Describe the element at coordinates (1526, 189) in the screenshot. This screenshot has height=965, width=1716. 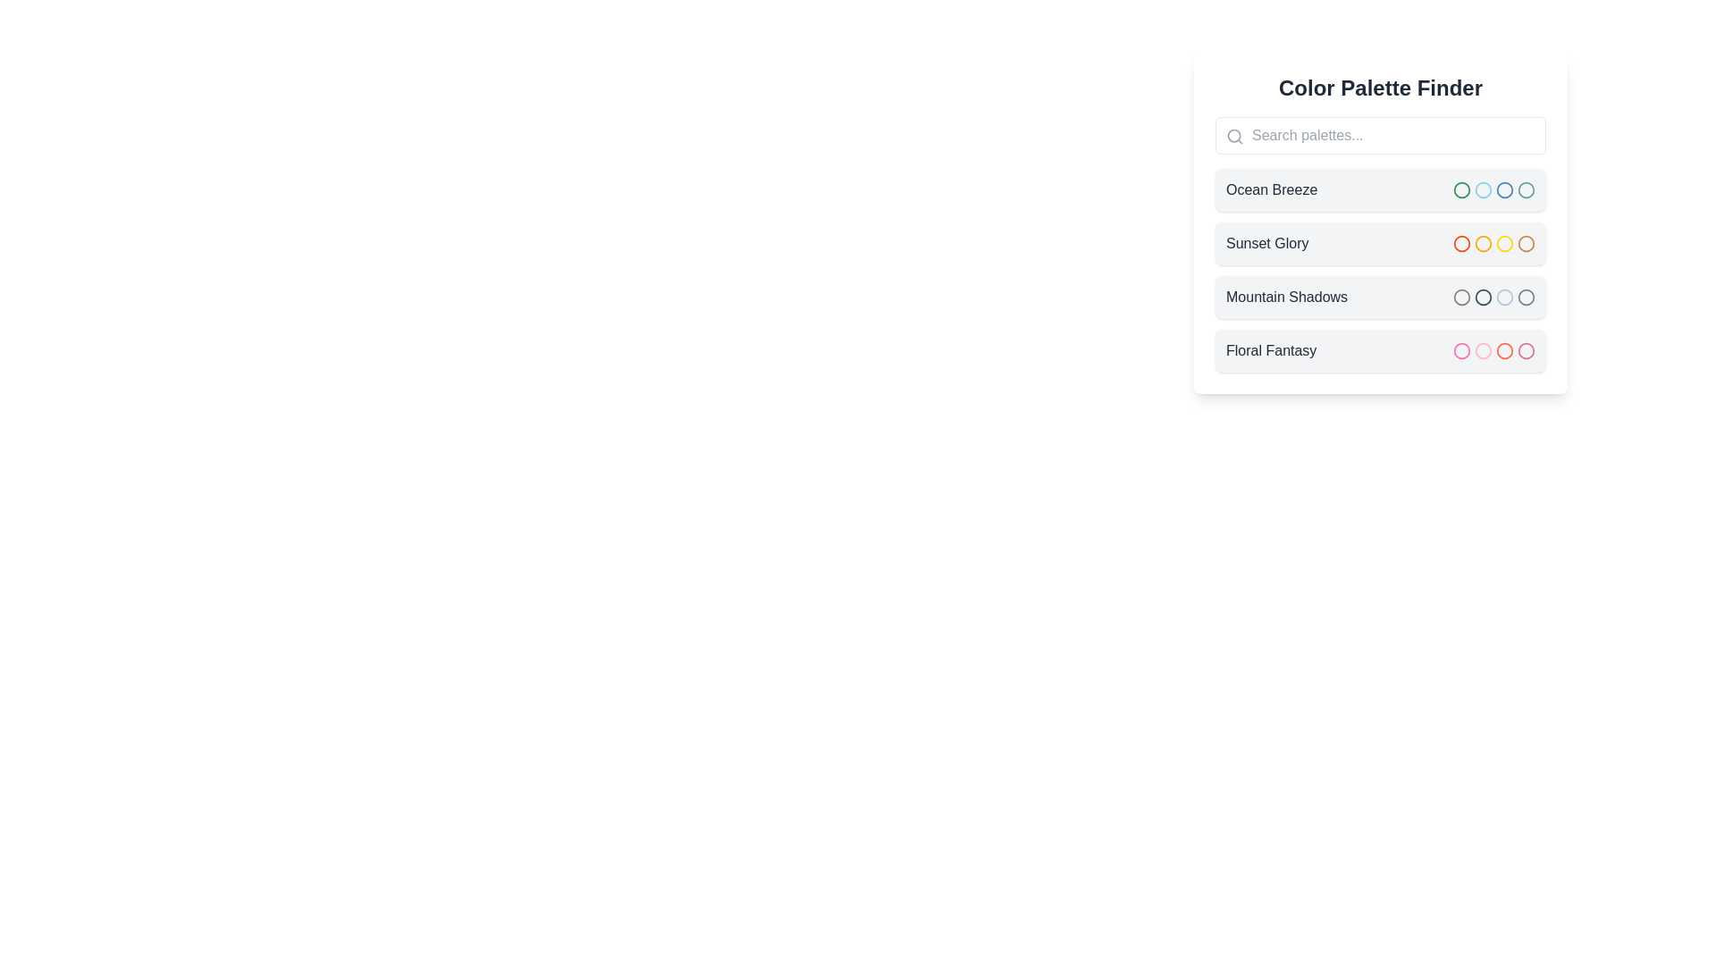
I see `the fifth circular icon` at that location.